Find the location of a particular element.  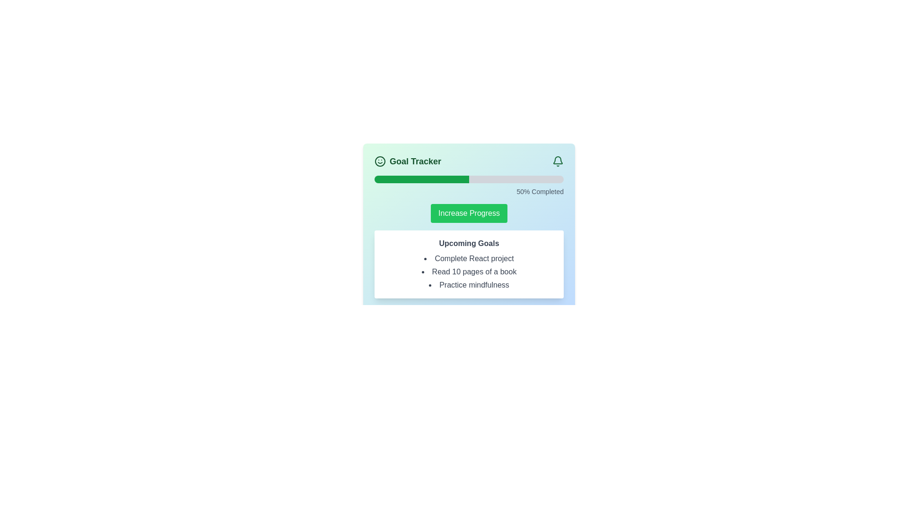

the first item in the vertical list of goals displayed under the 'Upcoming Goals' heading, which serves as a textual representation of a goal is located at coordinates (469, 258).